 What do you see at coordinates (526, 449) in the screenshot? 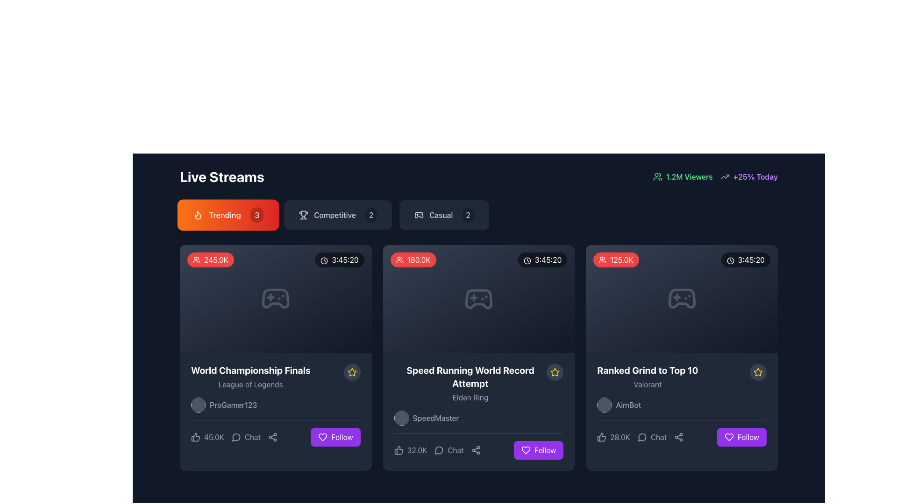
I see `the heart icon with a purple outline inside the 'Follow' button located at the bottom-right corner of the card titled 'Speed Running World Record Attempt'` at bounding box center [526, 449].